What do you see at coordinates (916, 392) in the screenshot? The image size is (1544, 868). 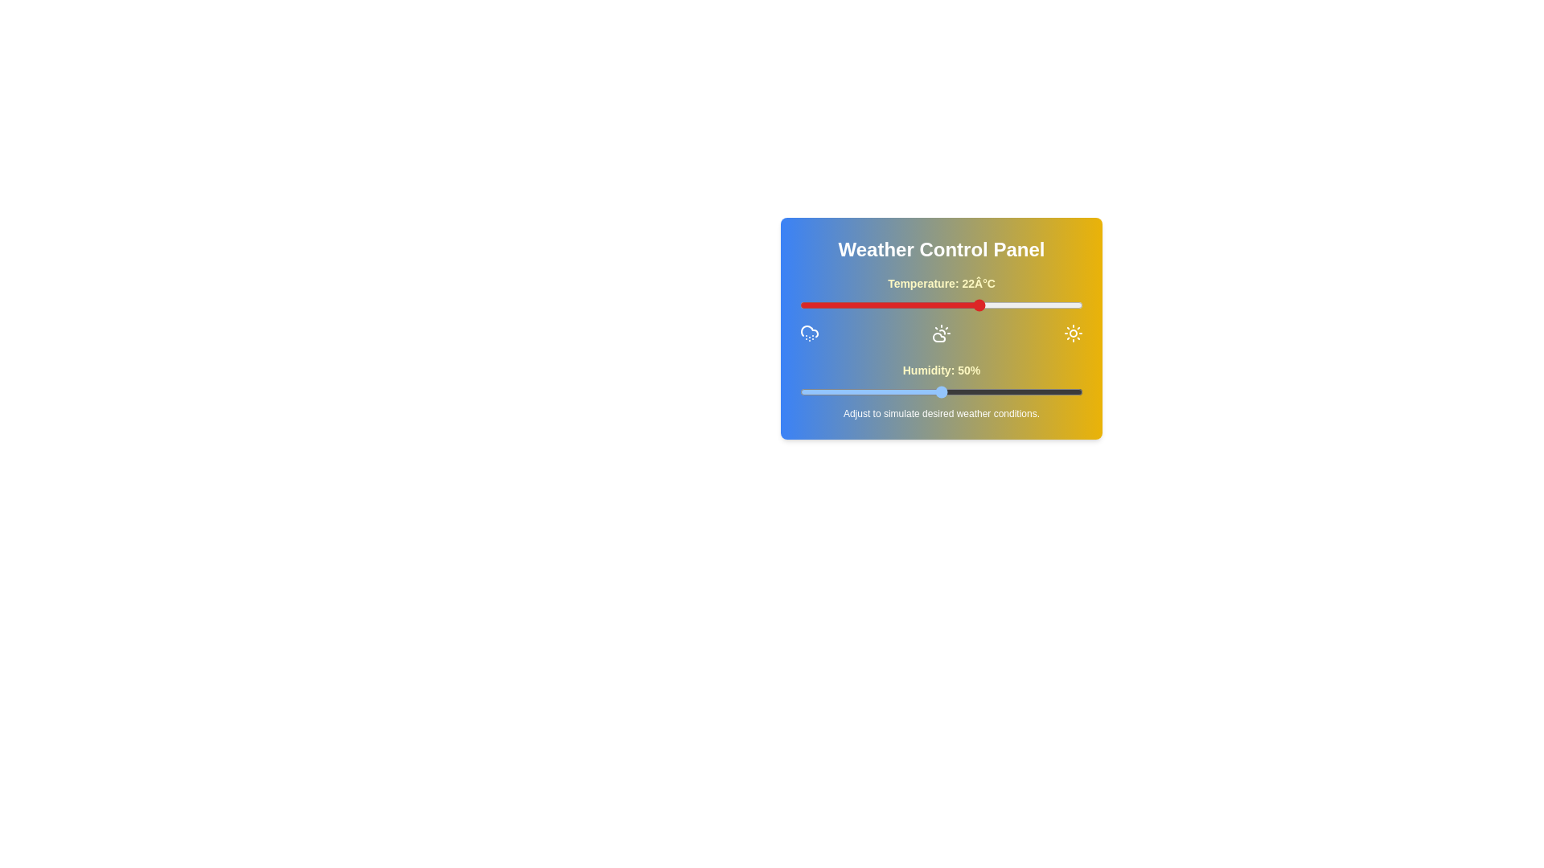 I see `humidity` at bounding box center [916, 392].